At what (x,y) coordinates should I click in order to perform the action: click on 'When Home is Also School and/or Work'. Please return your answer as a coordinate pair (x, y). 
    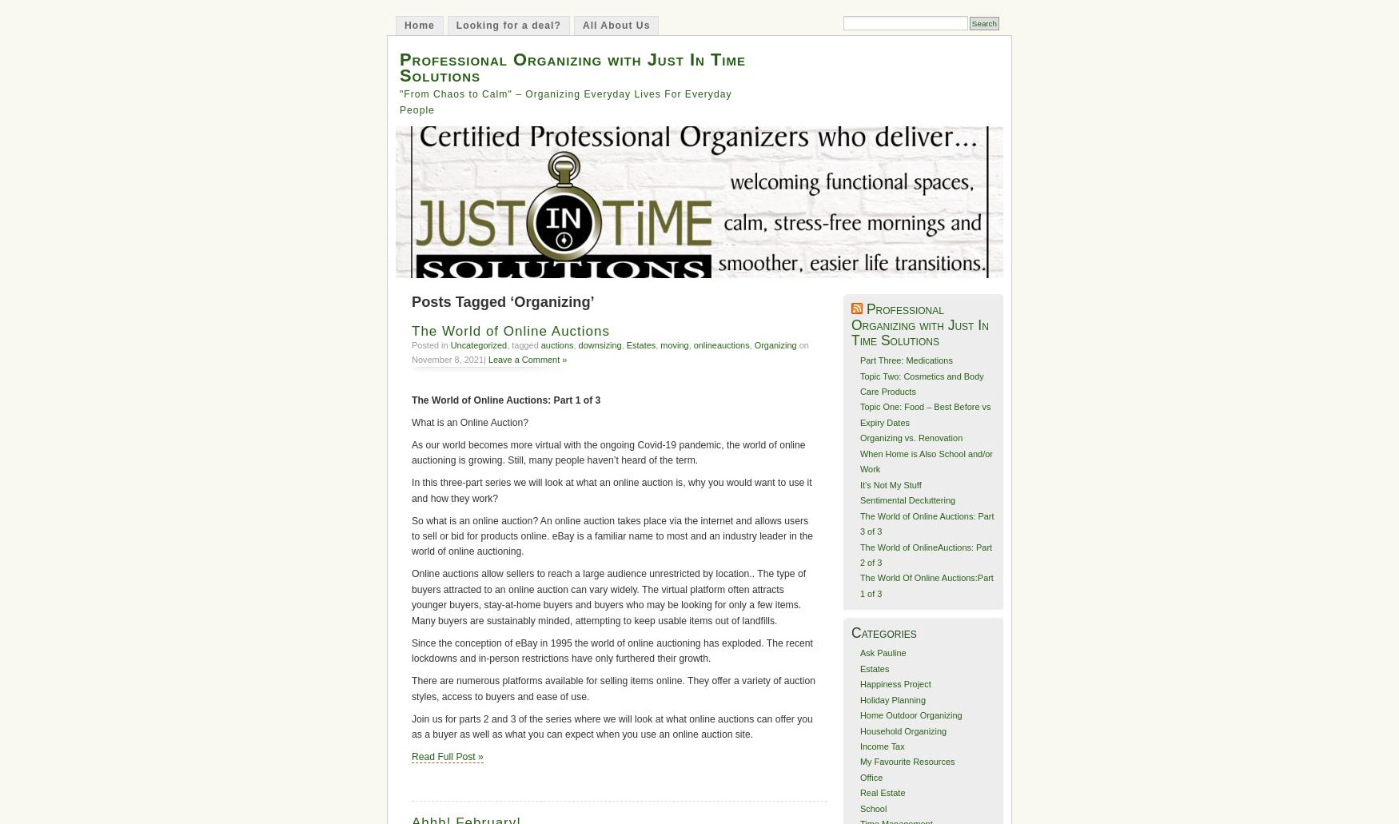
    Looking at the image, I should click on (924, 460).